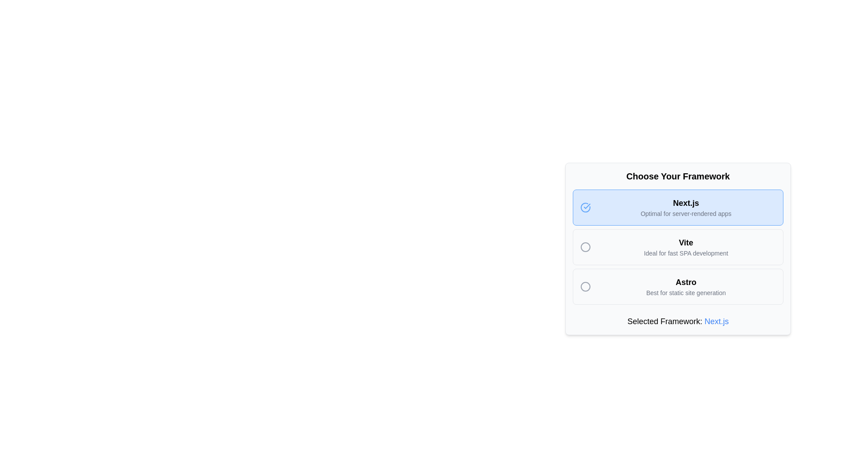  What do you see at coordinates (685, 214) in the screenshot?
I see `the descriptive text label for the 'Next.js' option in the framework selection interface, located directly below its heading in the selectable list` at bounding box center [685, 214].